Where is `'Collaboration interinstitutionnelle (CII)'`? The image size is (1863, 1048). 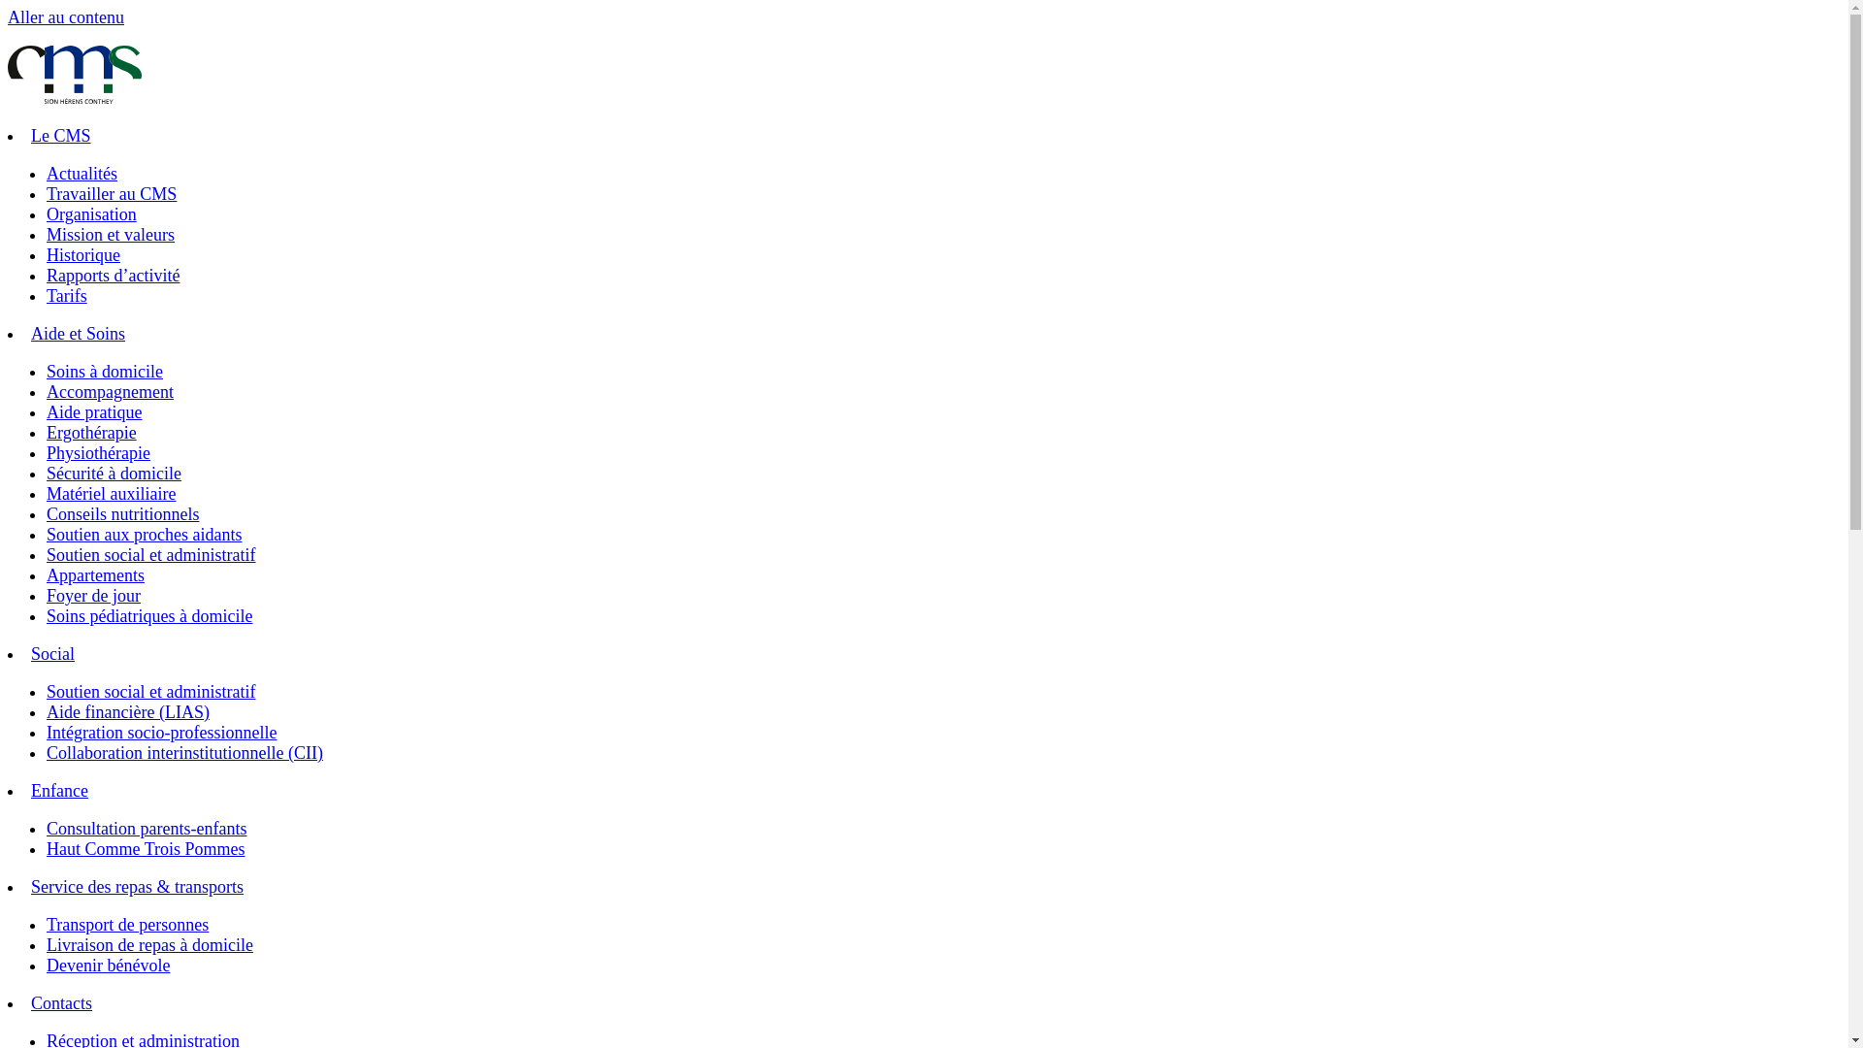
'Collaboration interinstitutionnelle (CII)' is located at coordinates (184, 751).